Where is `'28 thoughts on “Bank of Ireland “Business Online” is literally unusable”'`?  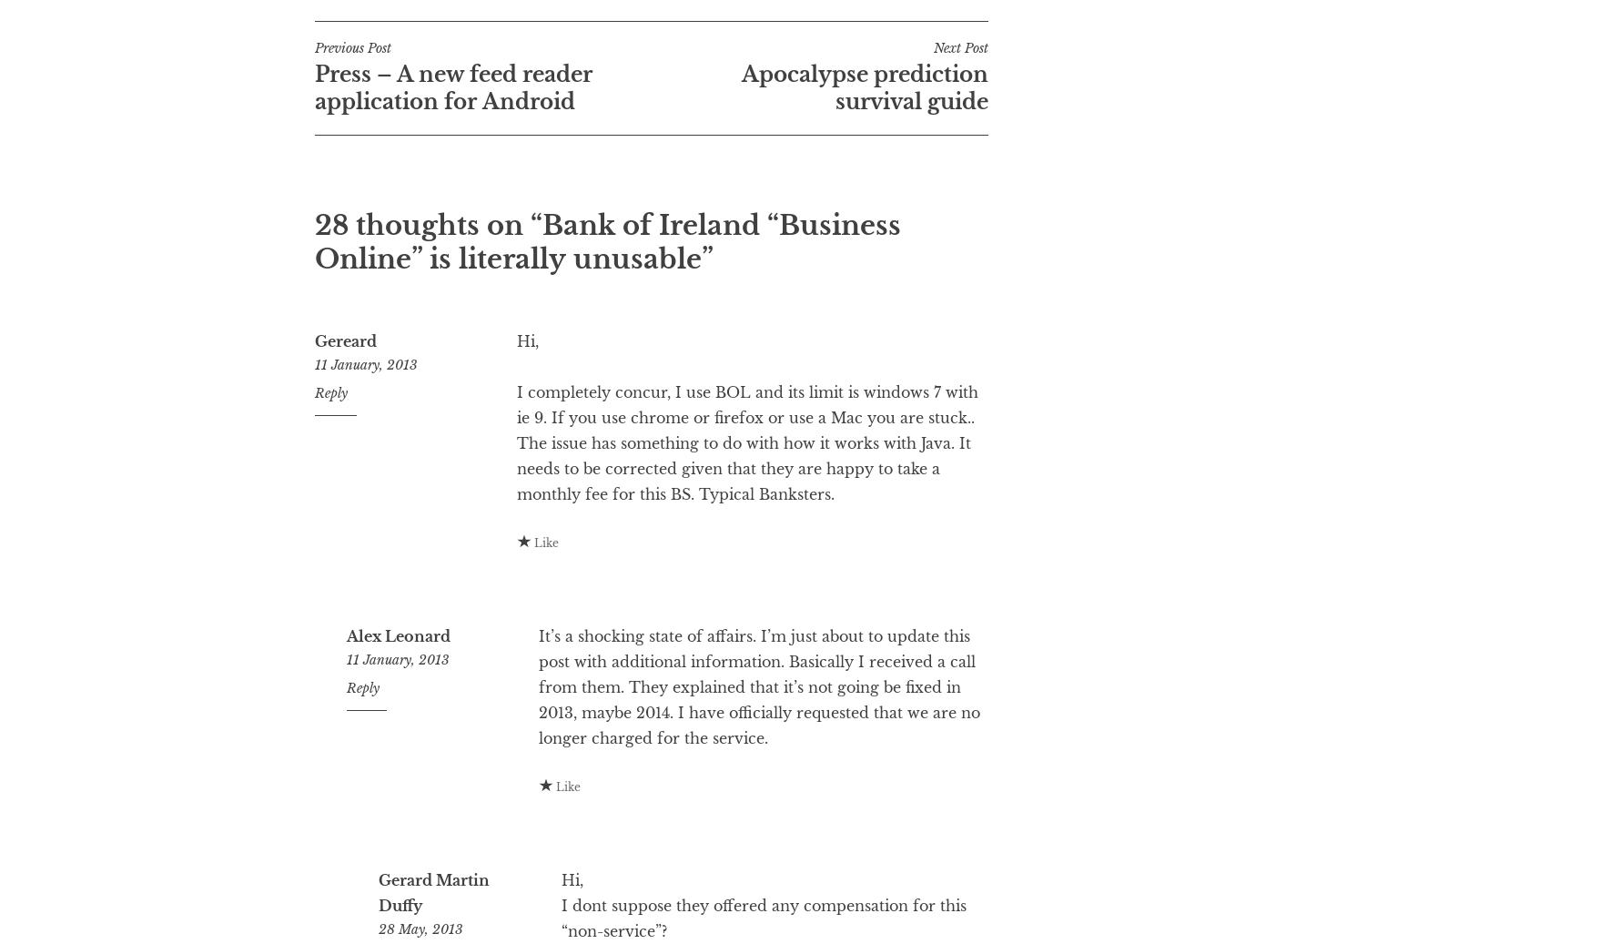
'28 thoughts on “Bank of Ireland “Business Online” is literally unusable”' is located at coordinates (608, 314).